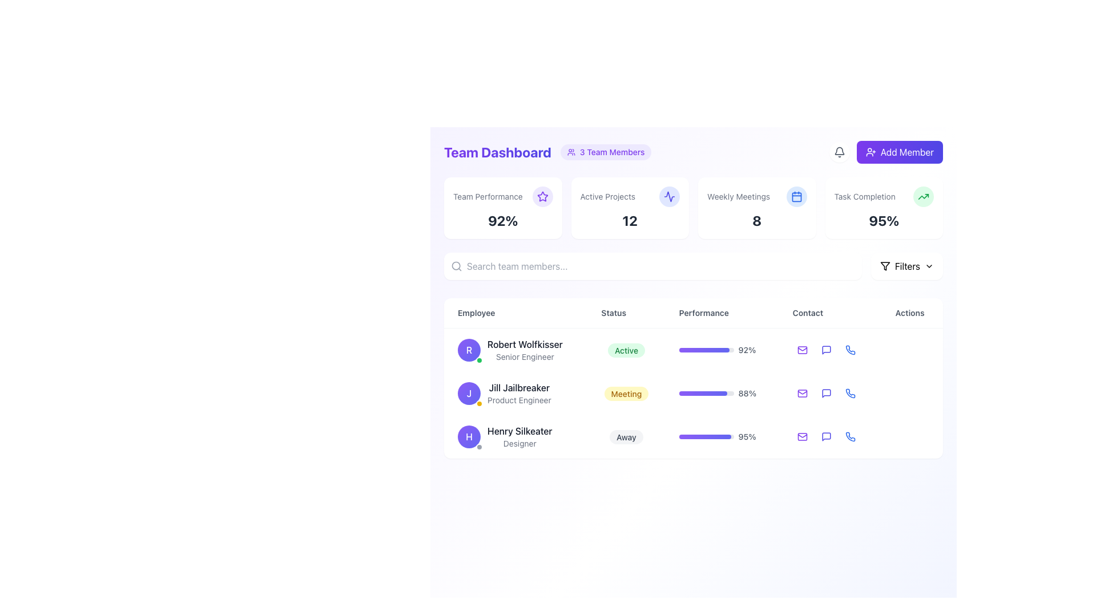 This screenshot has height=616, width=1096. I want to click on the small rounded rectangle icon with a violet mail envelope symbol located in the 'Contact' column of the first row in the data table, so click(801, 349).